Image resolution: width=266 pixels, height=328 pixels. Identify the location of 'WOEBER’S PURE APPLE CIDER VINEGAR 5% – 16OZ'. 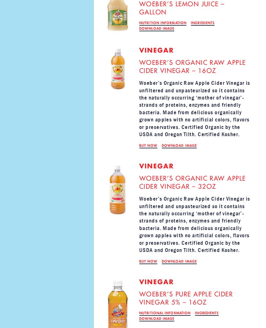
(186, 298).